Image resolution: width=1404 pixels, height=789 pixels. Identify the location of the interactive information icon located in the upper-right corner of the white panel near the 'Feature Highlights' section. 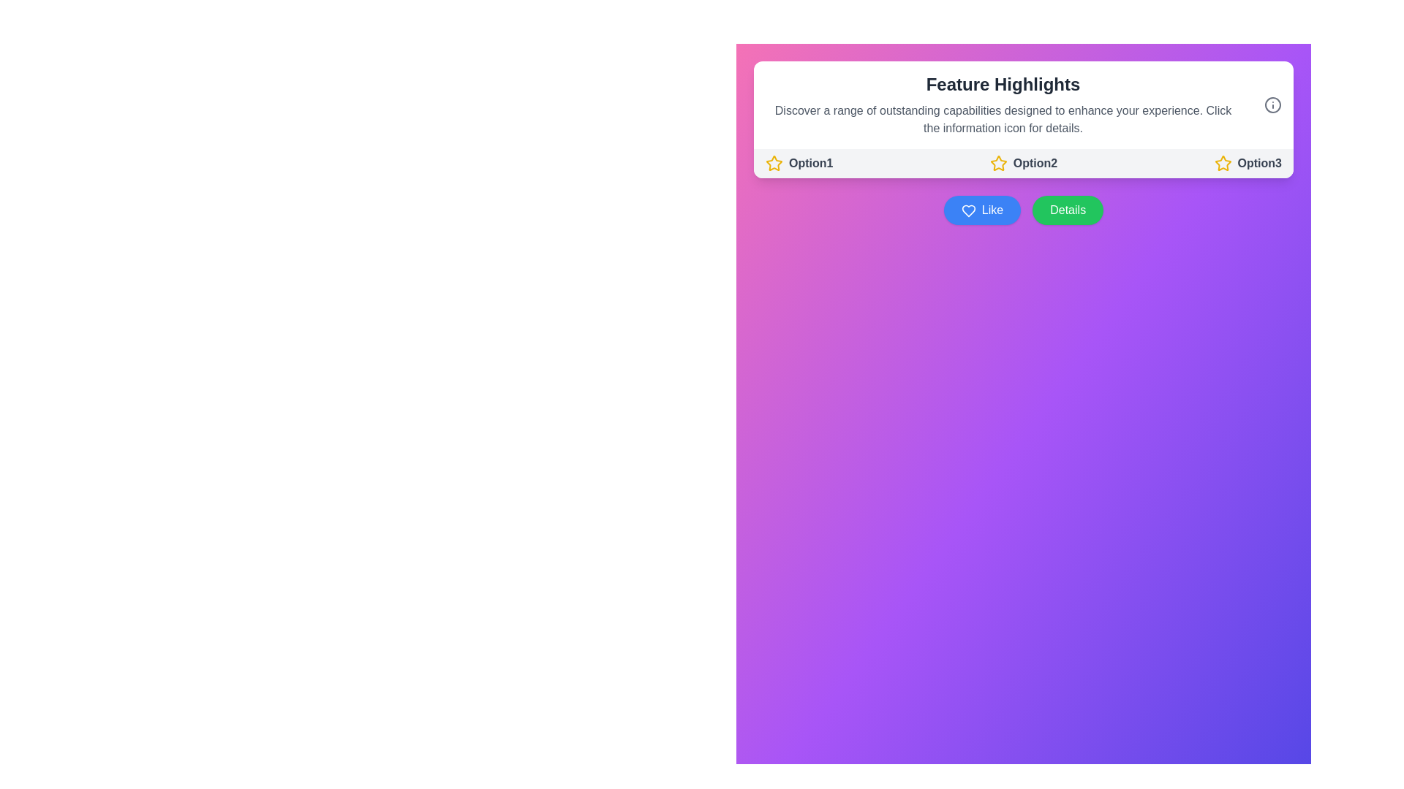
(1272, 104).